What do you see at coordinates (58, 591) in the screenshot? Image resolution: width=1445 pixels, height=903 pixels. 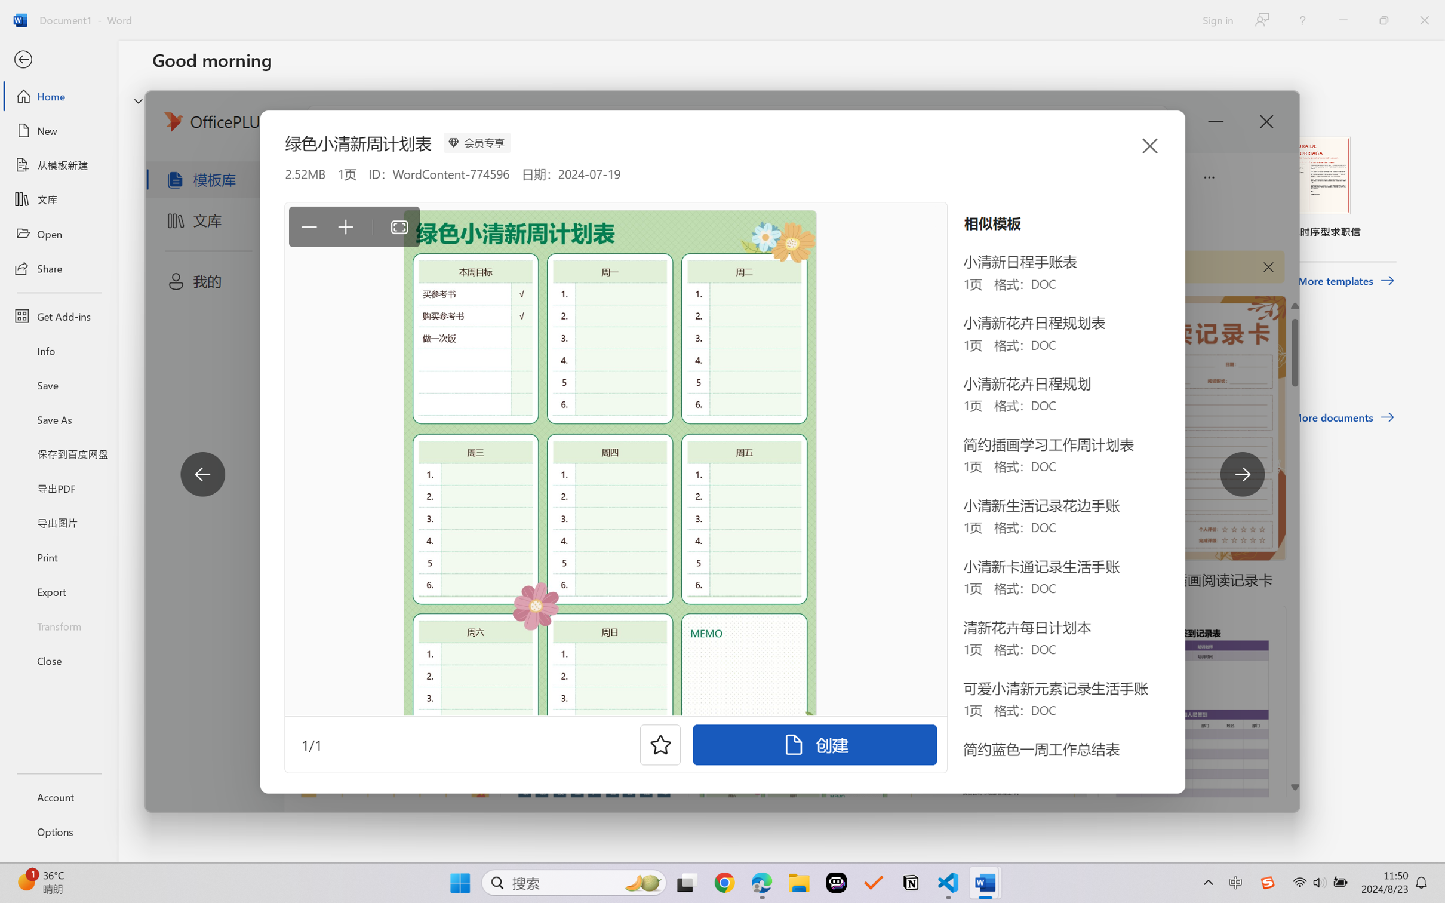 I see `'Export'` at bounding box center [58, 591].